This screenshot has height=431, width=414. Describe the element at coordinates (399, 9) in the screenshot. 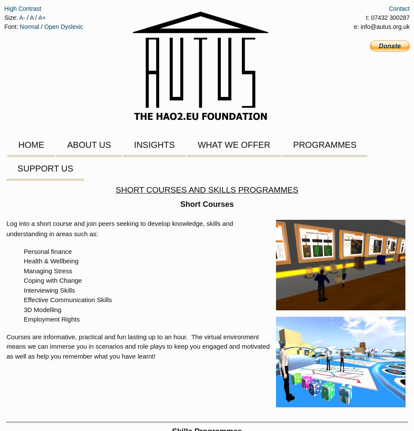

I see `'Contact'` at that location.